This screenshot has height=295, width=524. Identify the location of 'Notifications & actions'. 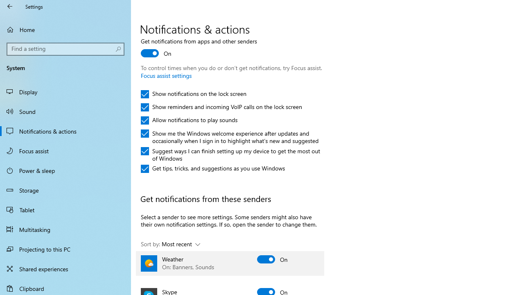
(65, 131).